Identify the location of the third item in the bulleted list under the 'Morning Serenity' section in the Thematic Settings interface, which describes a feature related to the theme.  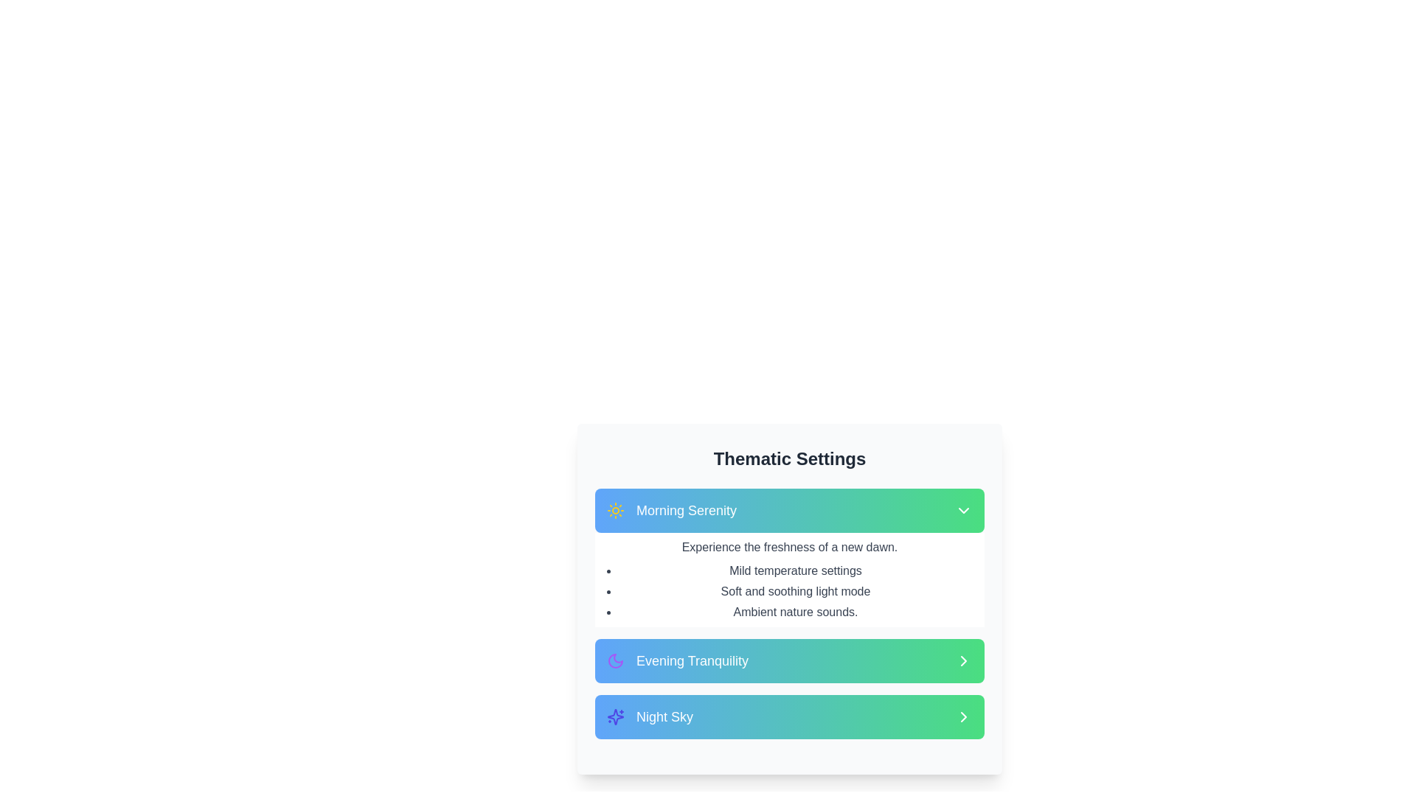
(795, 612).